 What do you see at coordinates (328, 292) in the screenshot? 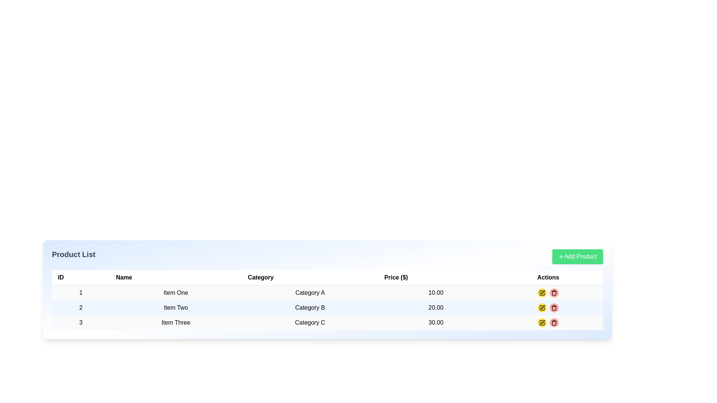
I see `the first row in the product table that contains the ID '1', product name 'Item One', category 'Category A', and price '10.00'` at bounding box center [328, 292].